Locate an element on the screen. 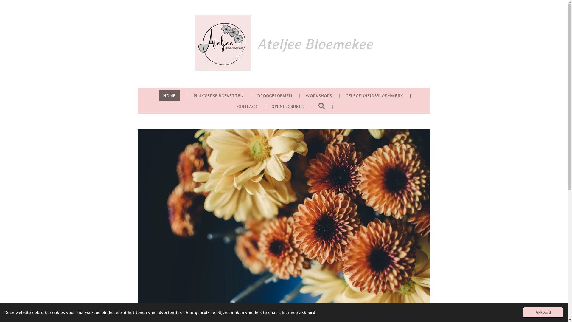  'Akkoord' is located at coordinates (543, 312).